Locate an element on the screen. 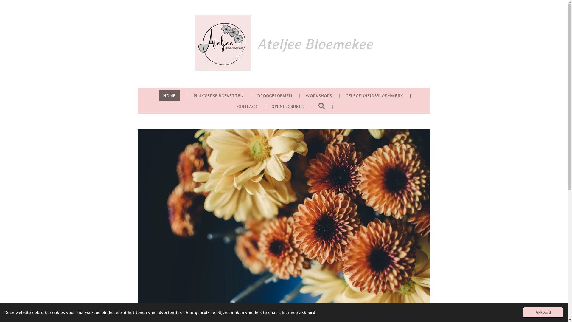  'Akkoord' is located at coordinates (543, 312).